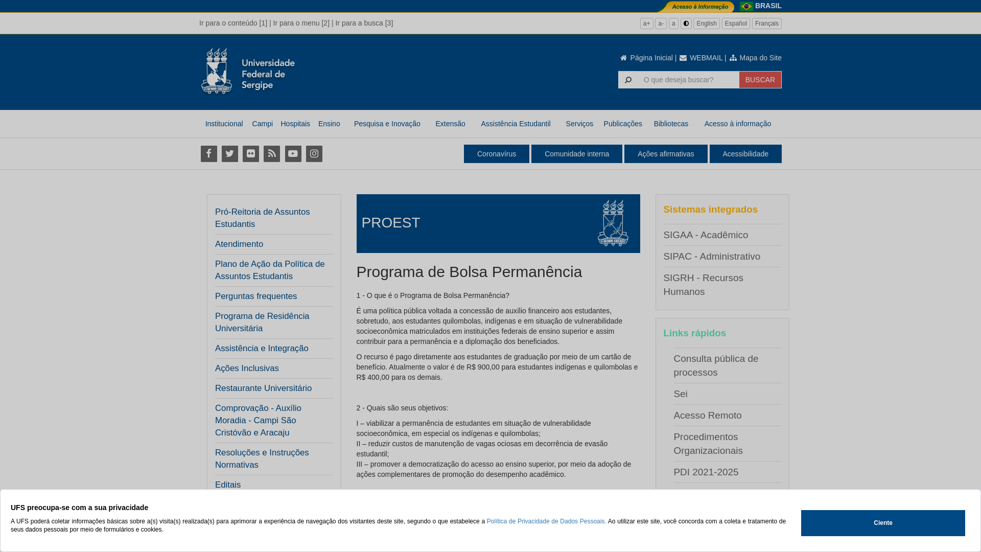  Describe the element at coordinates (294, 123) in the screenshot. I see `'Hospitais'` at that location.